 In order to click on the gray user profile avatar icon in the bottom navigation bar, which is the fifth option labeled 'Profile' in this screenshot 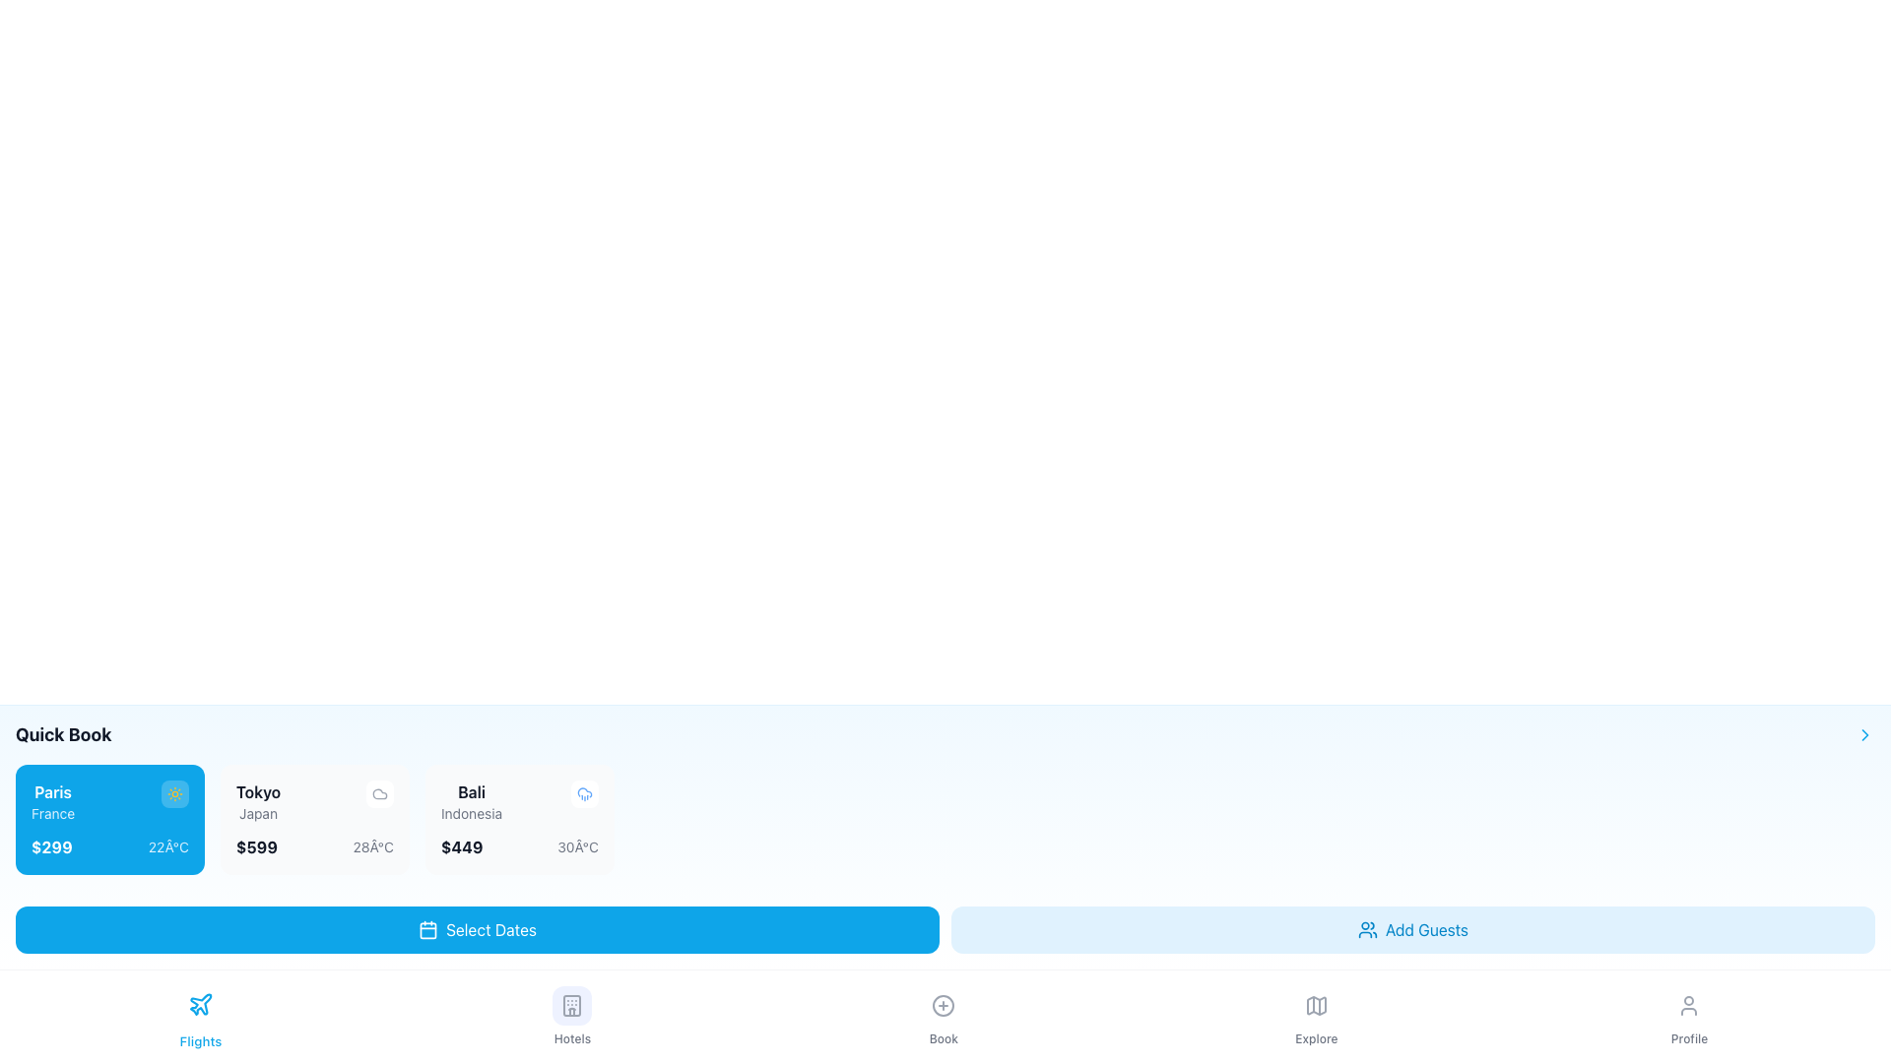, I will do `click(1688, 1006)`.